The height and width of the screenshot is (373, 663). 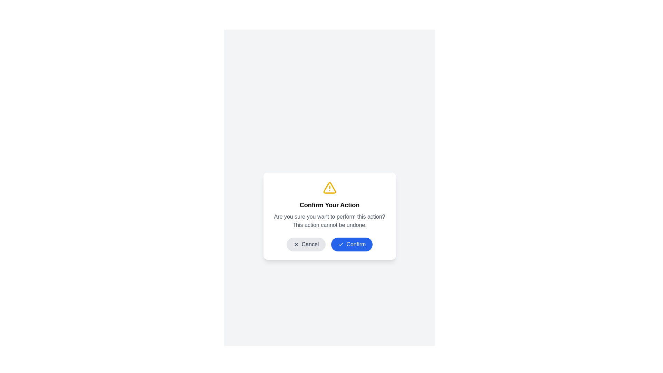 I want to click on the yellow triangular warning icon with an exclamation mark, located at the top center of the modal dialog box, positioned above the header text 'Confirm Your Action', so click(x=329, y=188).